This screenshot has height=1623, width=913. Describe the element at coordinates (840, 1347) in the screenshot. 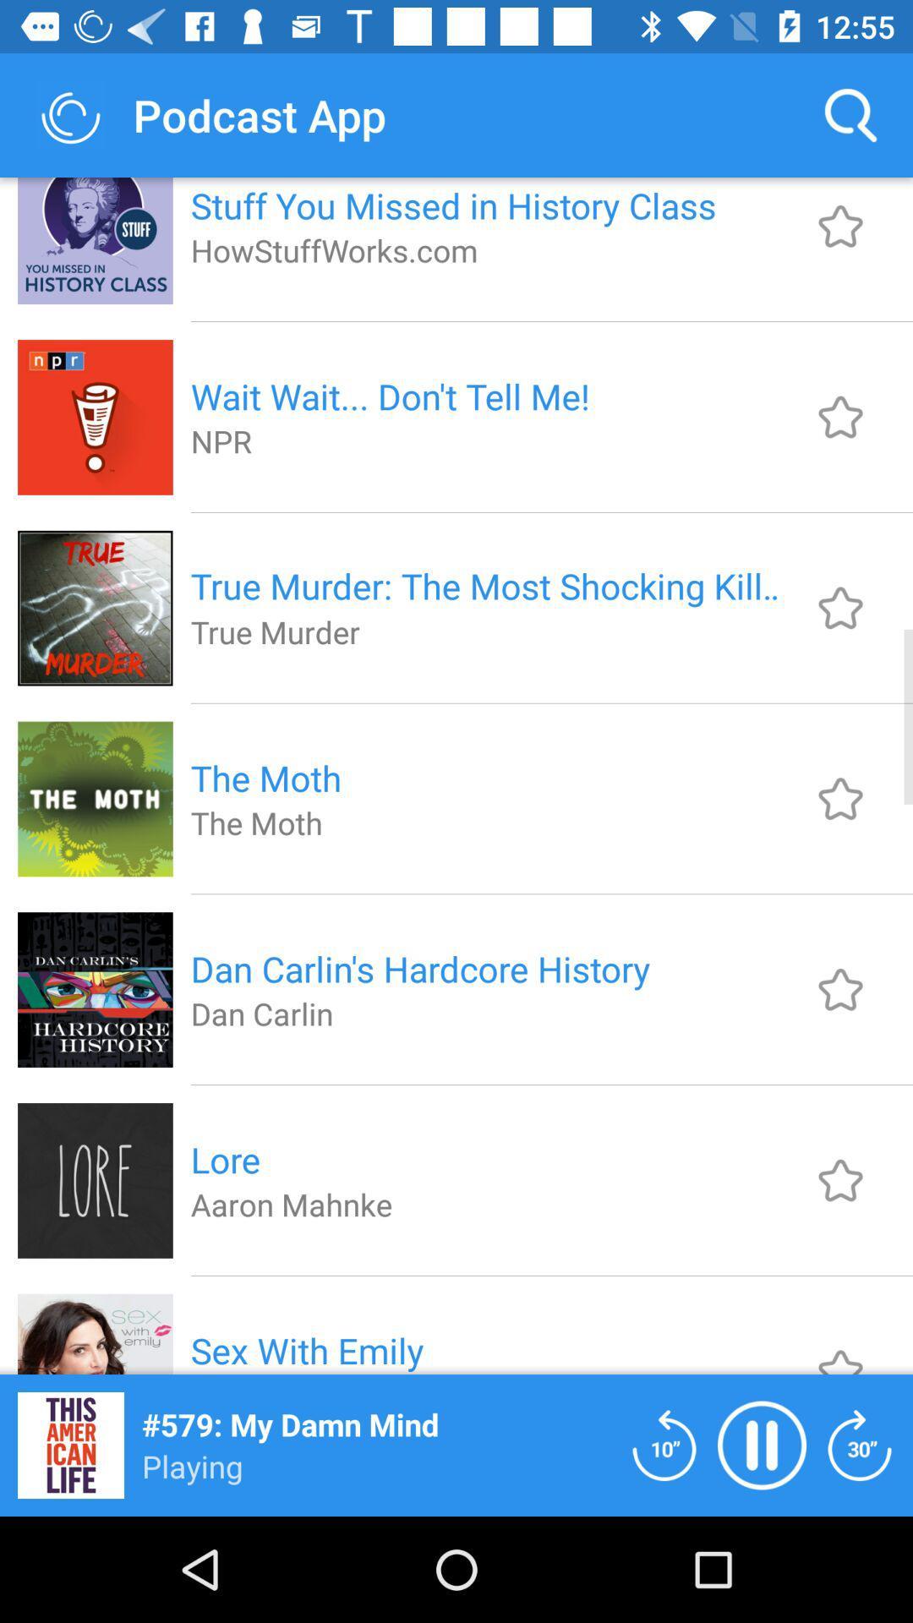

I see `the podcast` at that location.